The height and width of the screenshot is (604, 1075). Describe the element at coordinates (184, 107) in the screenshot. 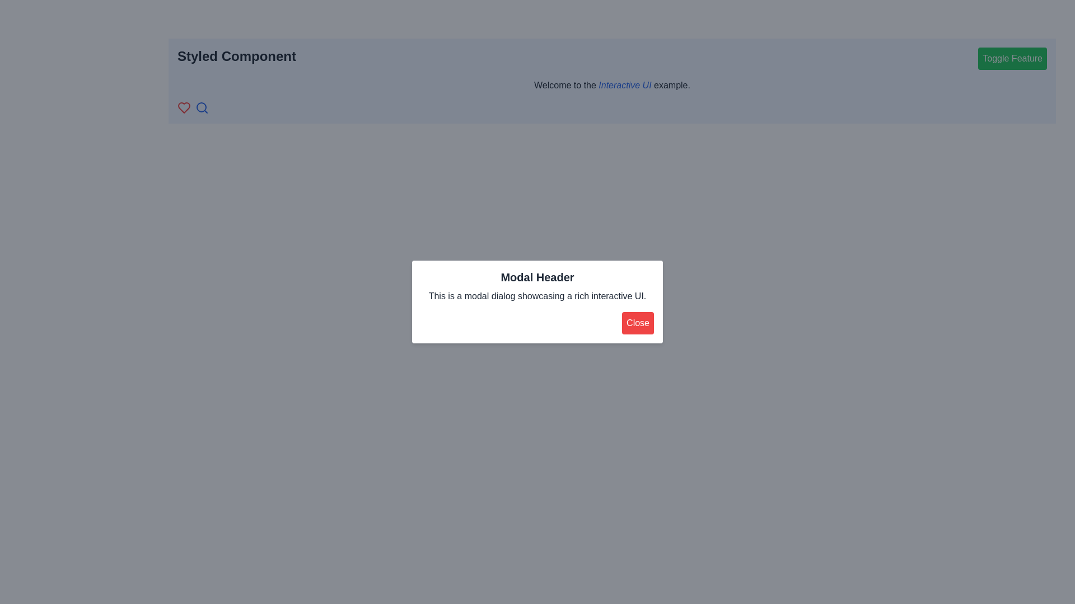

I see `the outlined red heart icon located to the left of the blue magnifying glass icon under the header 'Styled Component'` at that location.